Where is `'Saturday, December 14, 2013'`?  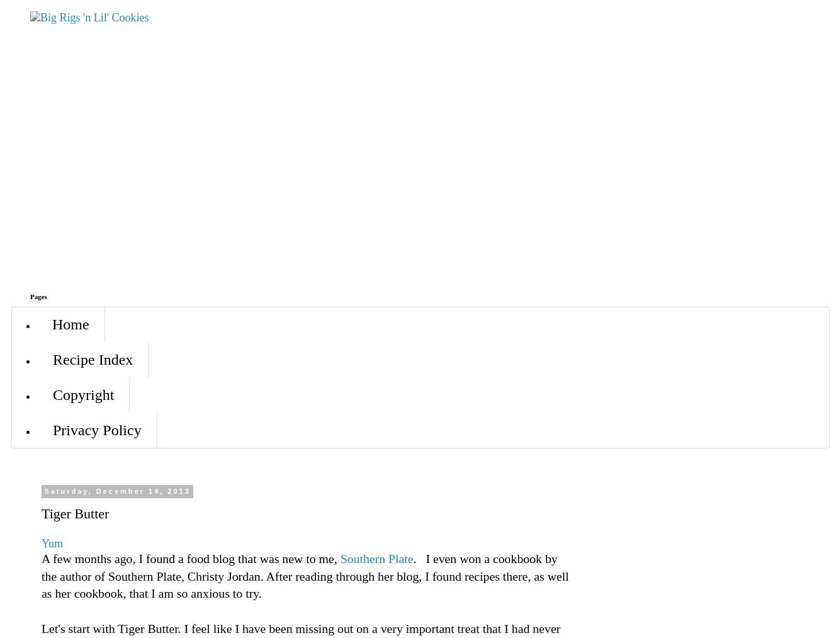 'Saturday, December 14, 2013' is located at coordinates (43, 491).